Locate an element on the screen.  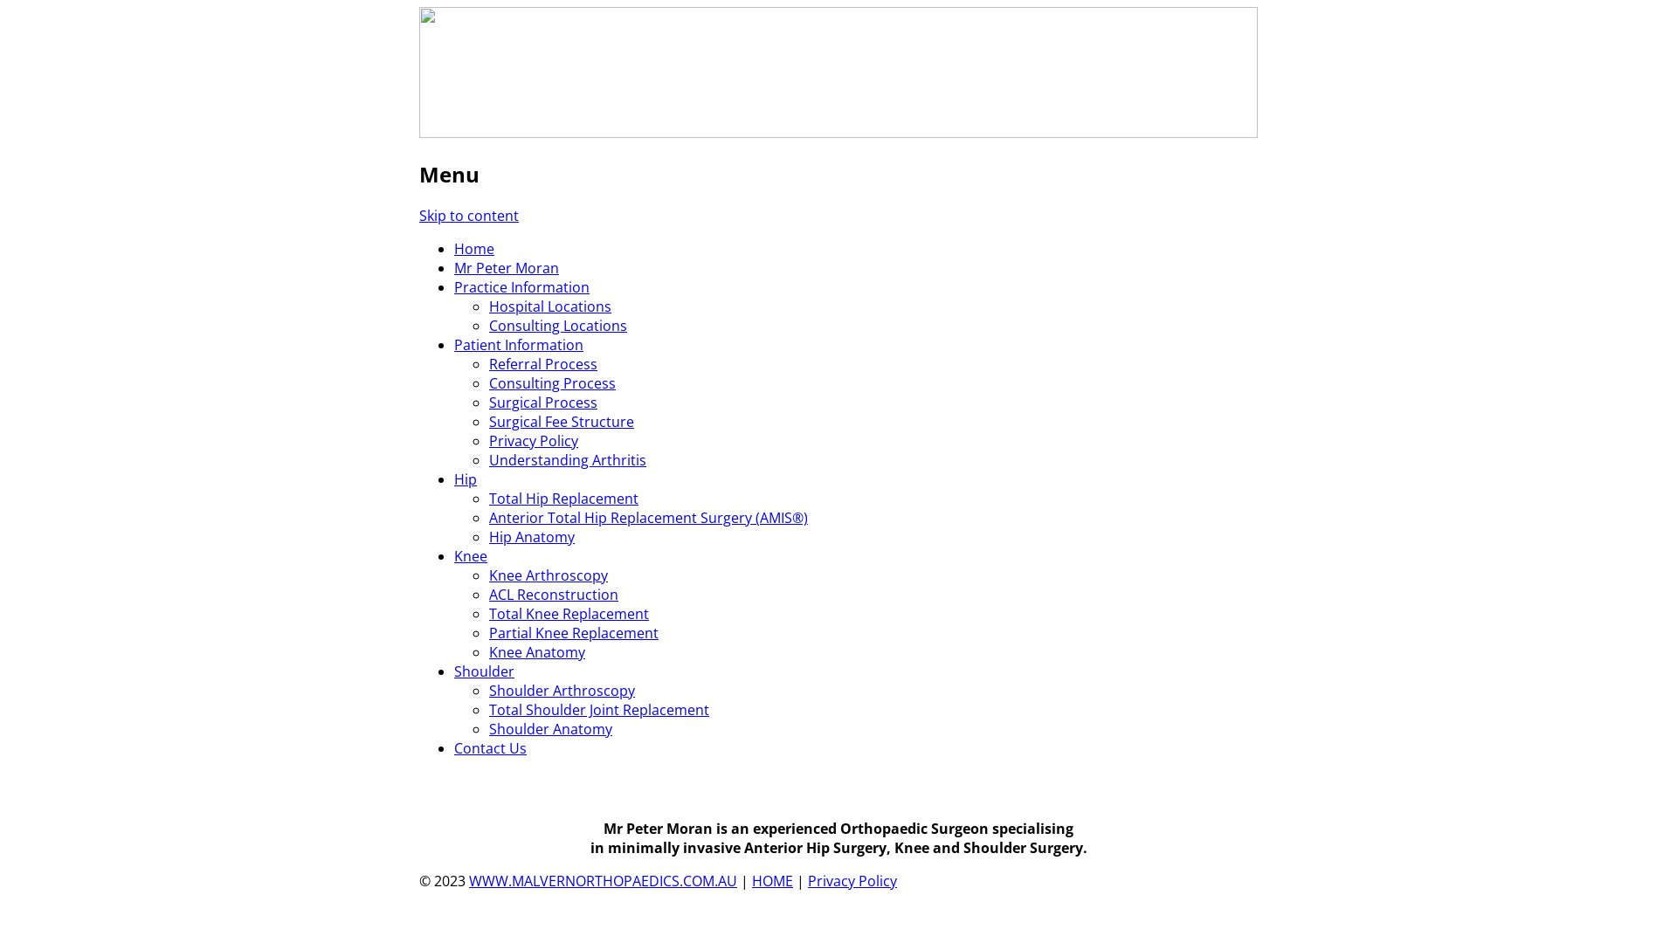
'Shoulder' is located at coordinates (484, 670).